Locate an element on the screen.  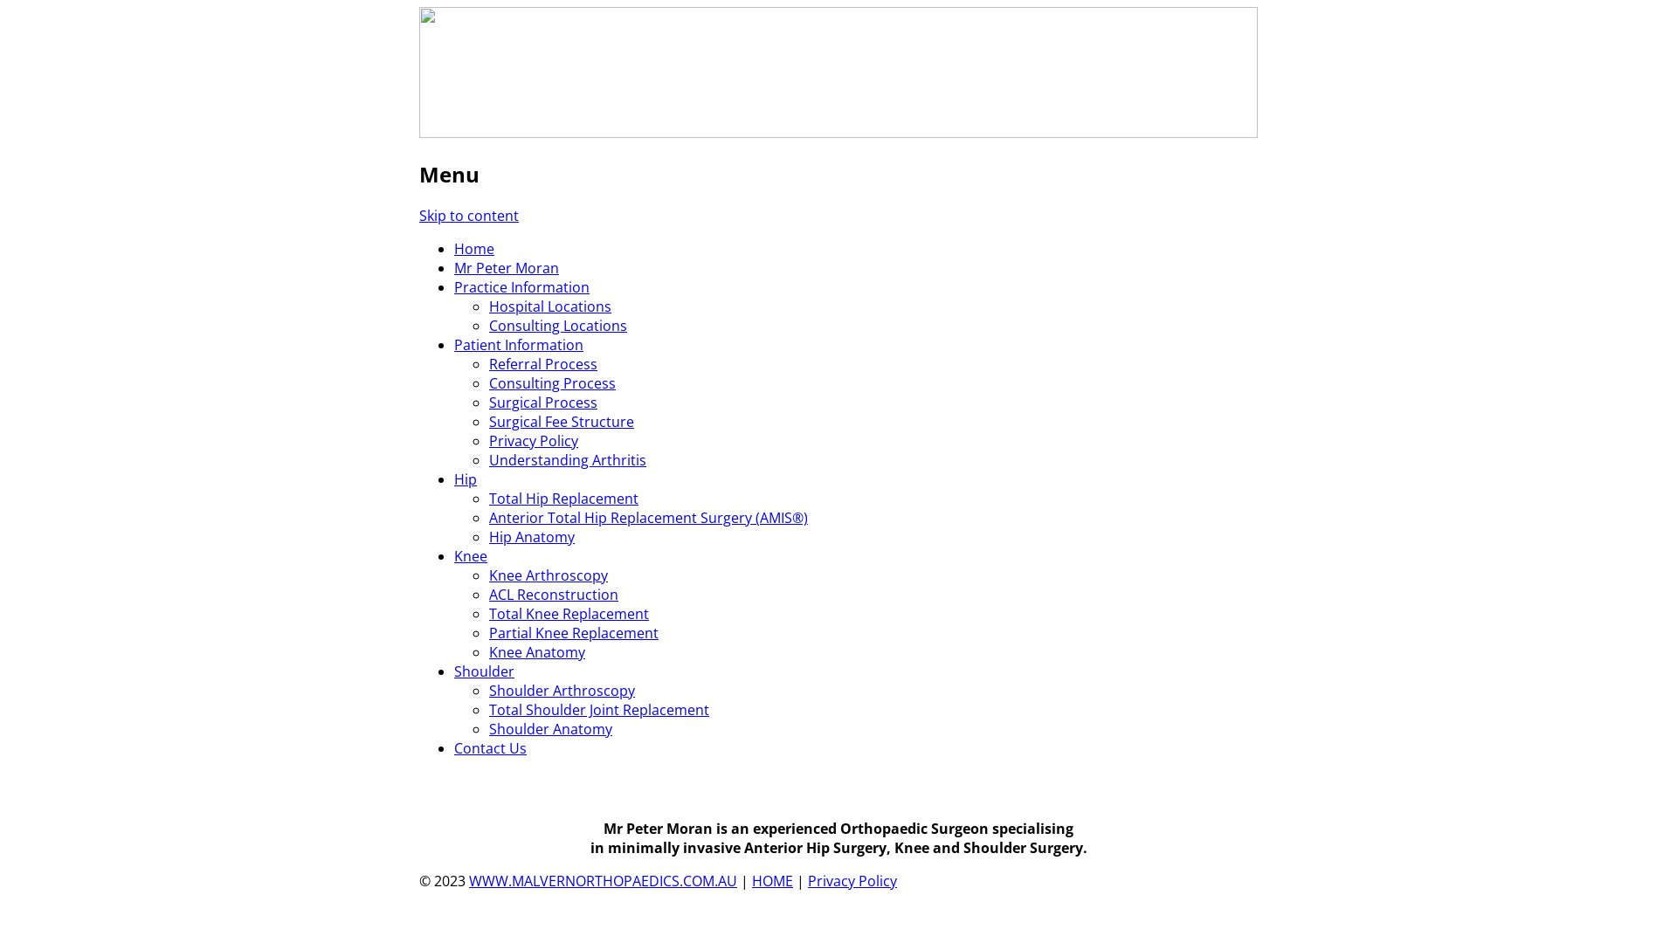
'Shoulder' is located at coordinates (484, 670).